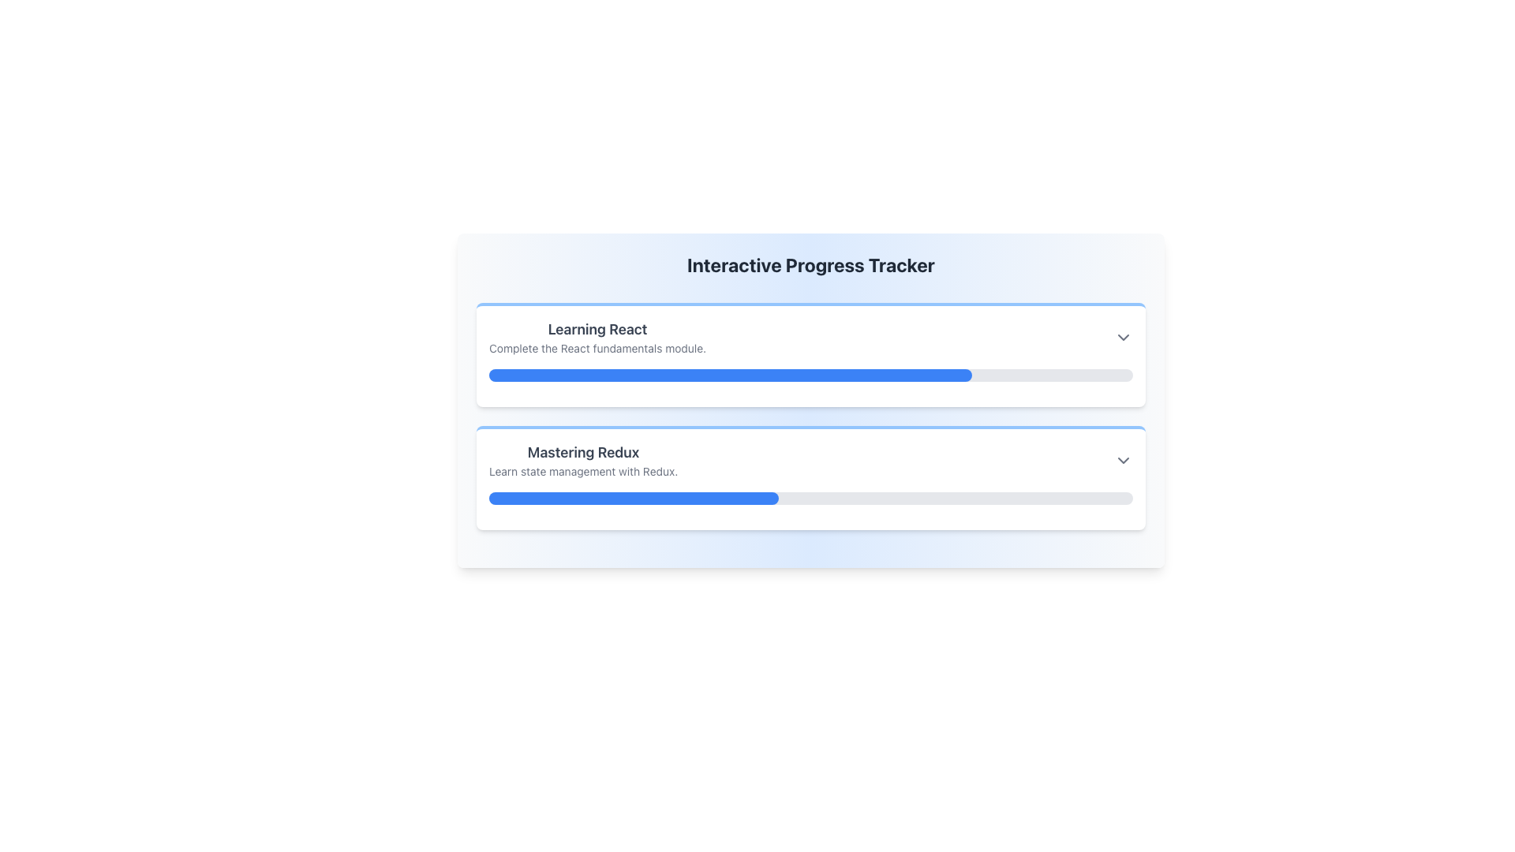  What do you see at coordinates (730, 375) in the screenshot?
I see `the blue progress indicator within the light gray progress bar labeled 'Learning React' that is filled to approximately three-quarters of its length` at bounding box center [730, 375].